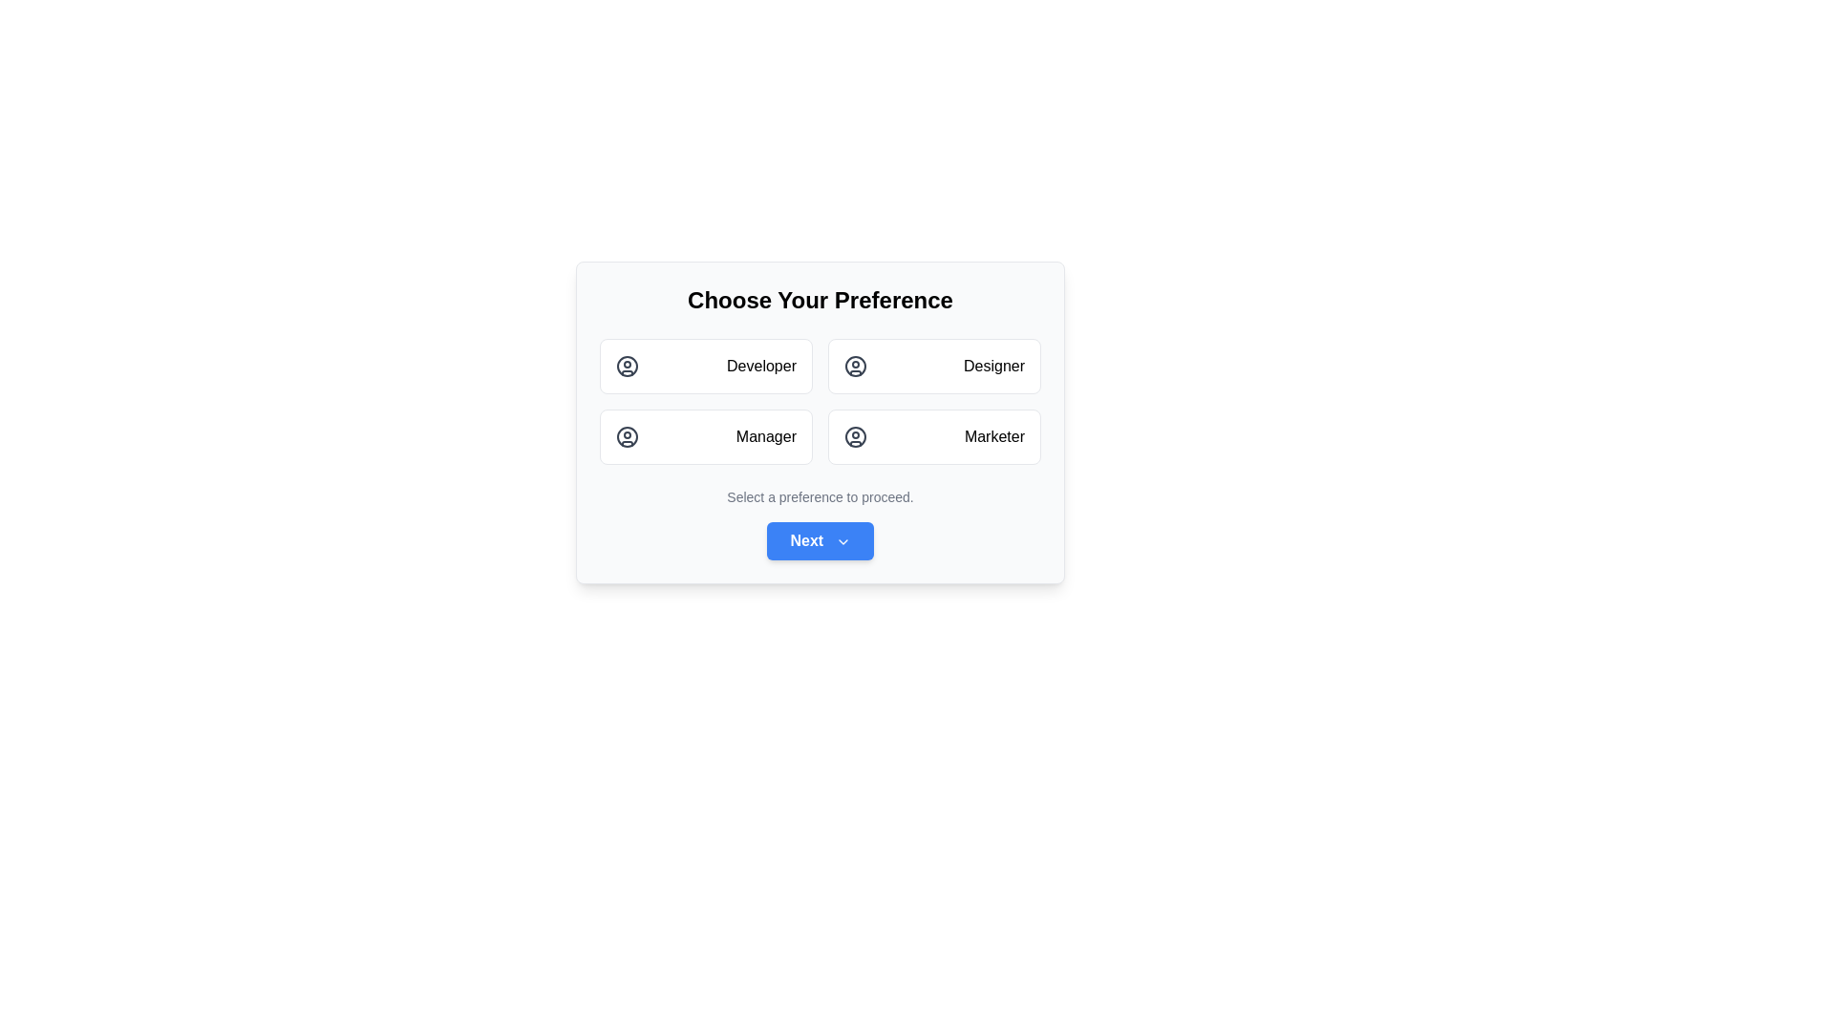 This screenshot has height=1031, width=1834. Describe the element at coordinates (993, 367) in the screenshot. I see `the label/text indicating the name for the clickable selection option located on the right side within a rectangular card in the options grid below the heading 'Choose Your Preference'` at that location.